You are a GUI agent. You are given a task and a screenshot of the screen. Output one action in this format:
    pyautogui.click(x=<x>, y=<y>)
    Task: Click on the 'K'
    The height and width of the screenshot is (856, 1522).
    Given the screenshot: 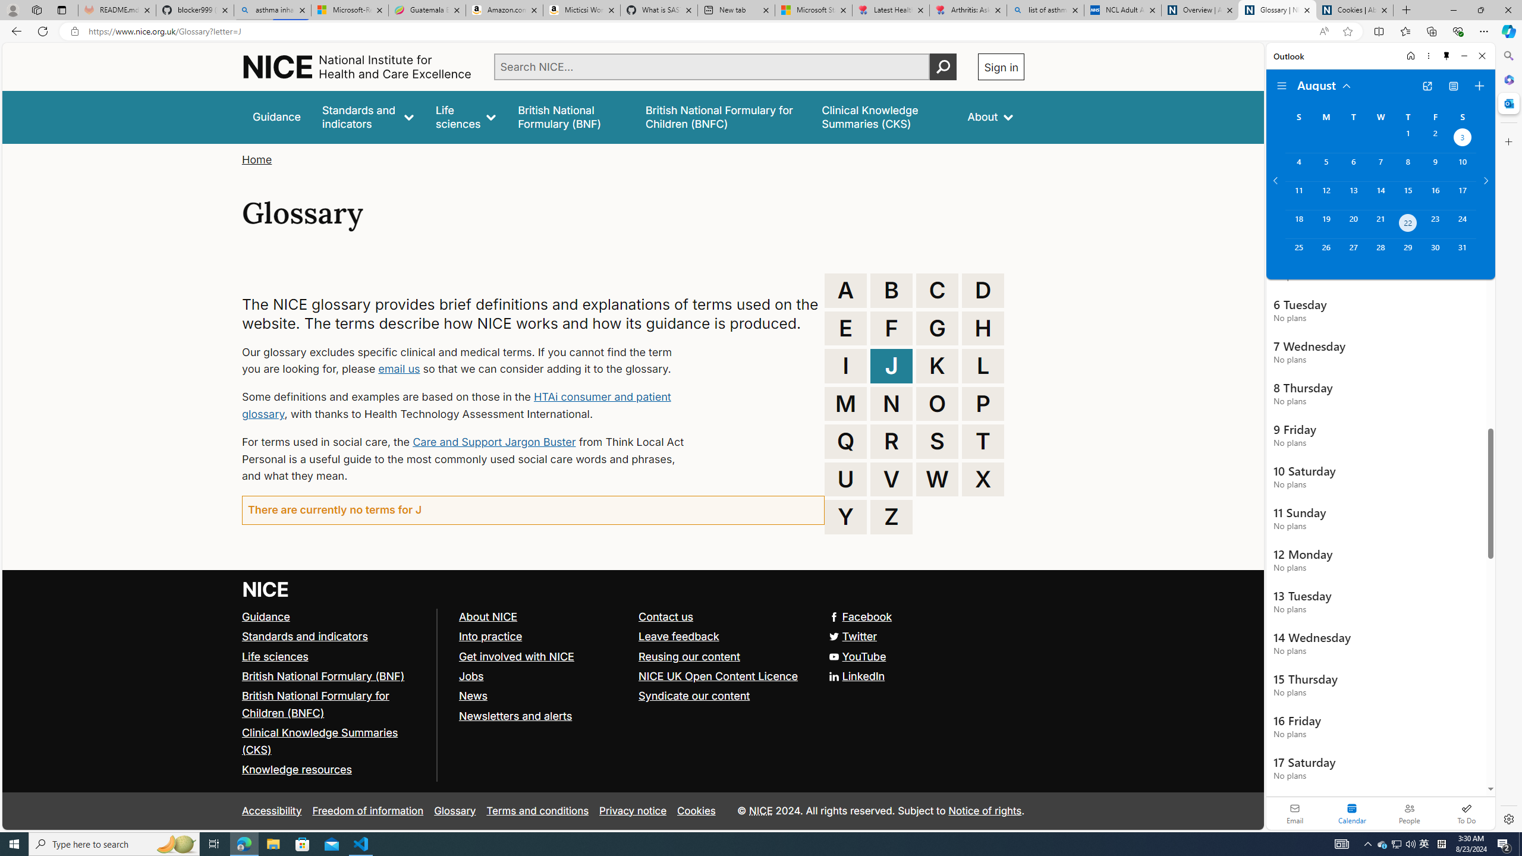 What is the action you would take?
    pyautogui.click(x=936, y=366)
    